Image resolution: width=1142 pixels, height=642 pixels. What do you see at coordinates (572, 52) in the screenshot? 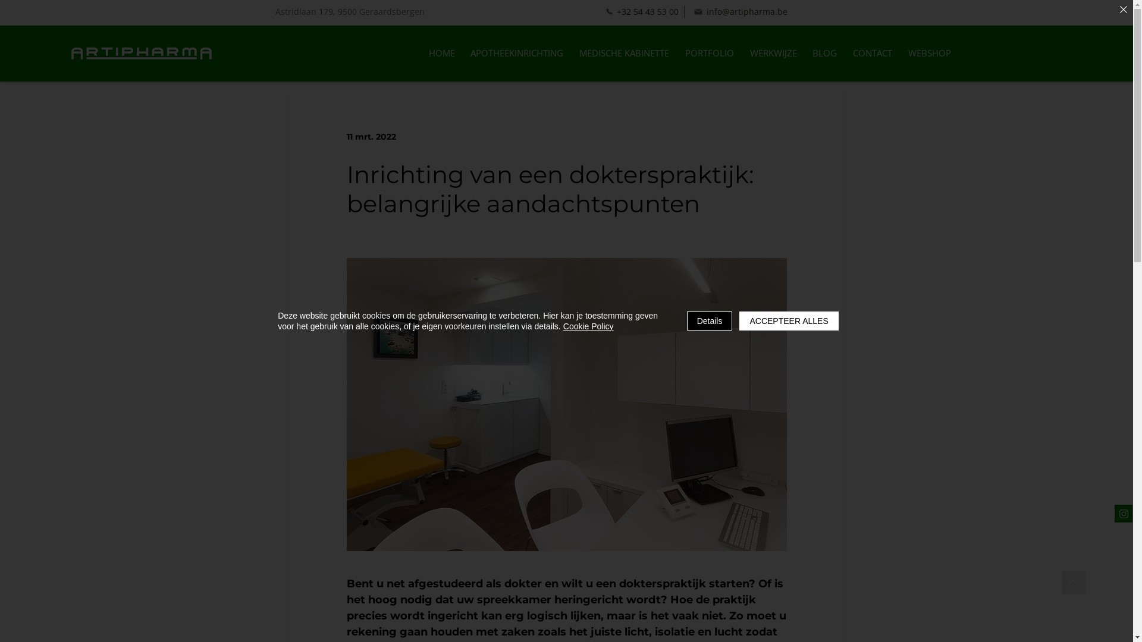
I see `'MEDISCHE KABINETTE'` at bounding box center [572, 52].